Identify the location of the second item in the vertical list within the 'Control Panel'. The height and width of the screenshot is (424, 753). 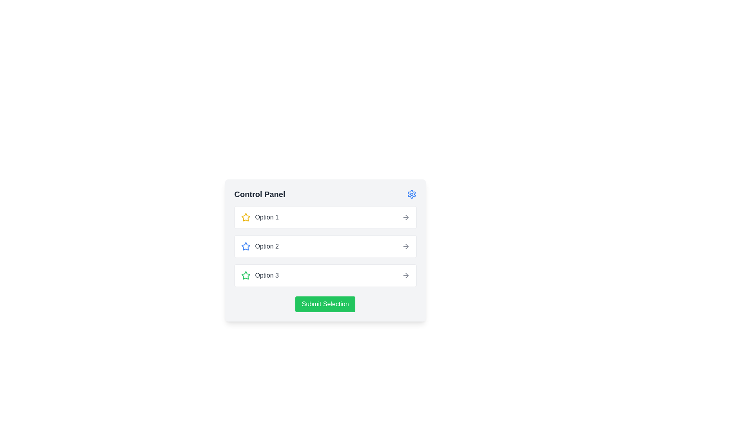
(325, 246).